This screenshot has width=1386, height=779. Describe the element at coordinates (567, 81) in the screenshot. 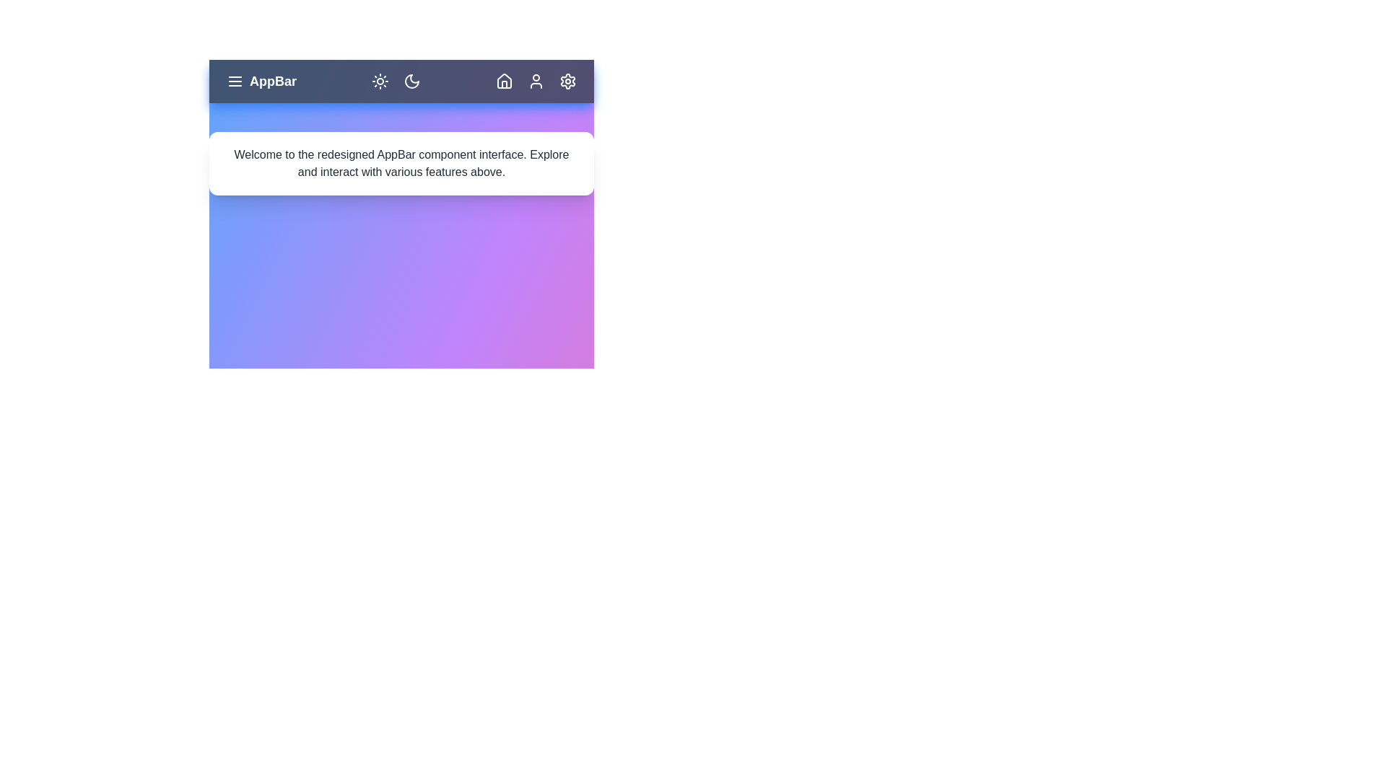

I see `the settings icon to open the application settings` at that location.